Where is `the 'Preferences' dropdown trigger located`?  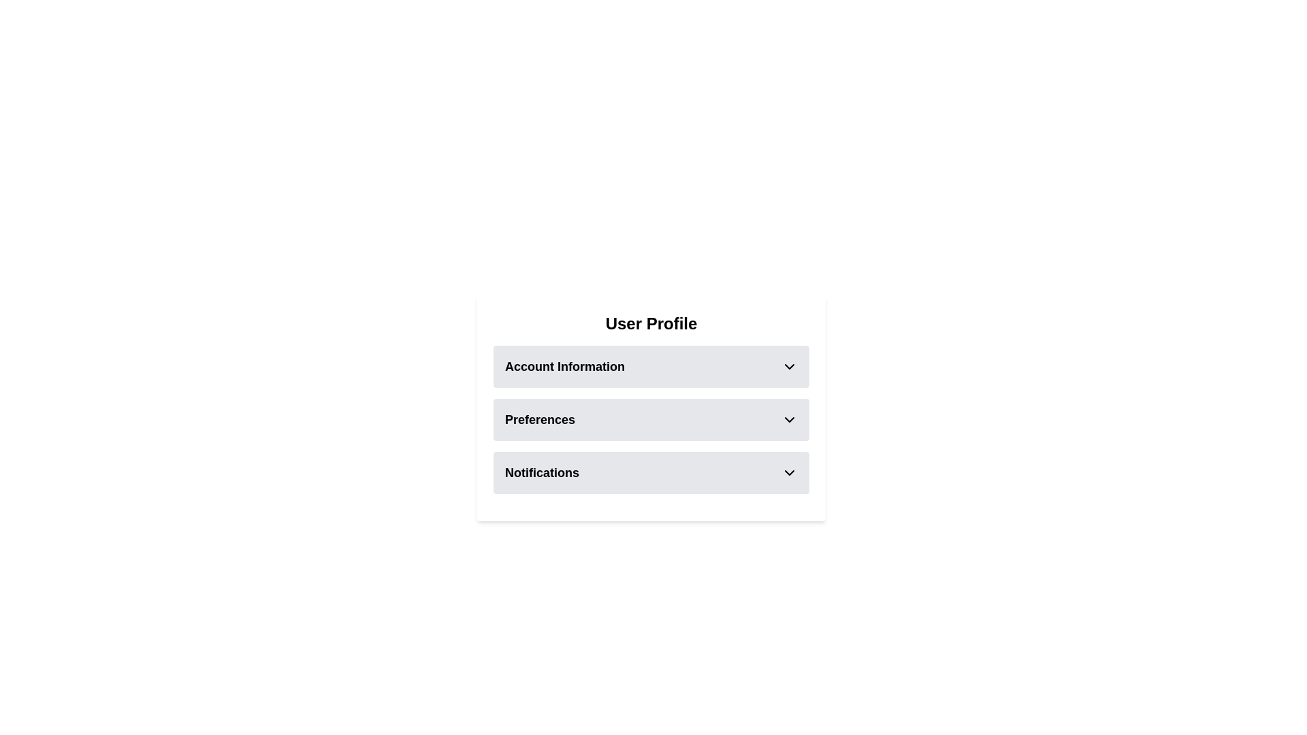 the 'Preferences' dropdown trigger located is located at coordinates (650, 419).